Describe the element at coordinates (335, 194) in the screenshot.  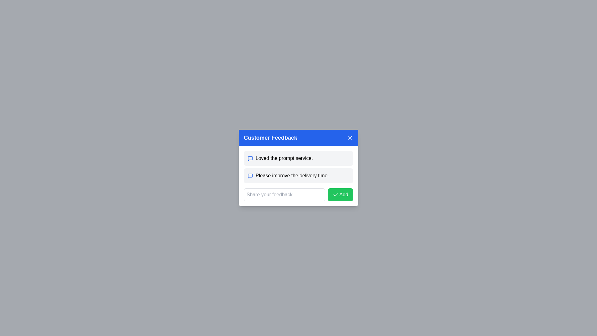
I see `the icon located inside the button at the bottom right of the feedback modal box, which is to the left of the 'Add' text, to understand the action context` at that location.